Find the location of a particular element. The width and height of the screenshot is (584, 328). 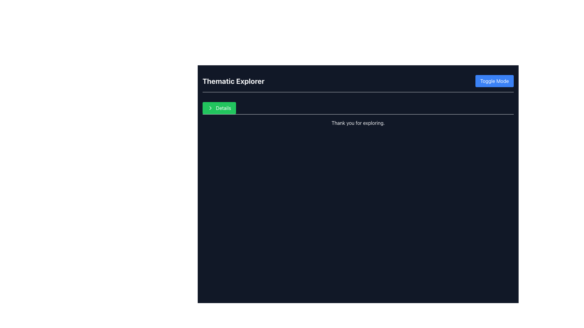

the visual cue of the right-pointing chevron arrow icon located inside the 'Details' button is located at coordinates (210, 108).